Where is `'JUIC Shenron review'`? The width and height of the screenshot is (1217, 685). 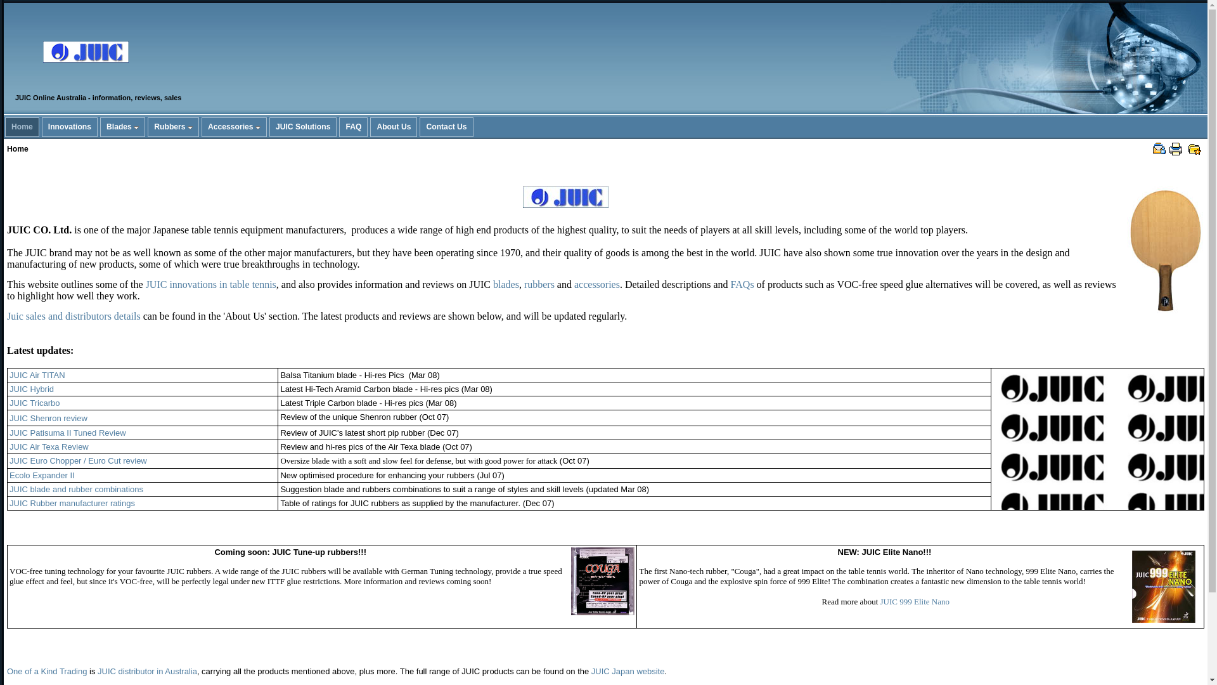 'JUIC Shenron review' is located at coordinates (48, 417).